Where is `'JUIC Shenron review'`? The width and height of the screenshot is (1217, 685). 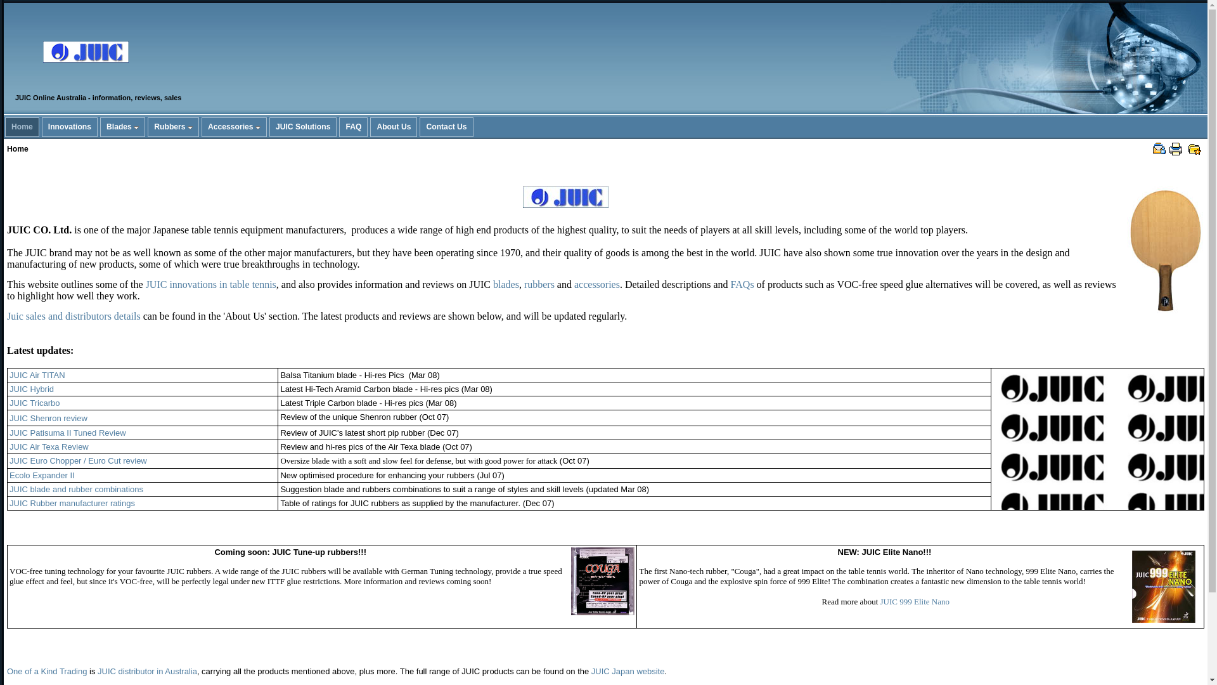 'JUIC Shenron review' is located at coordinates (48, 417).